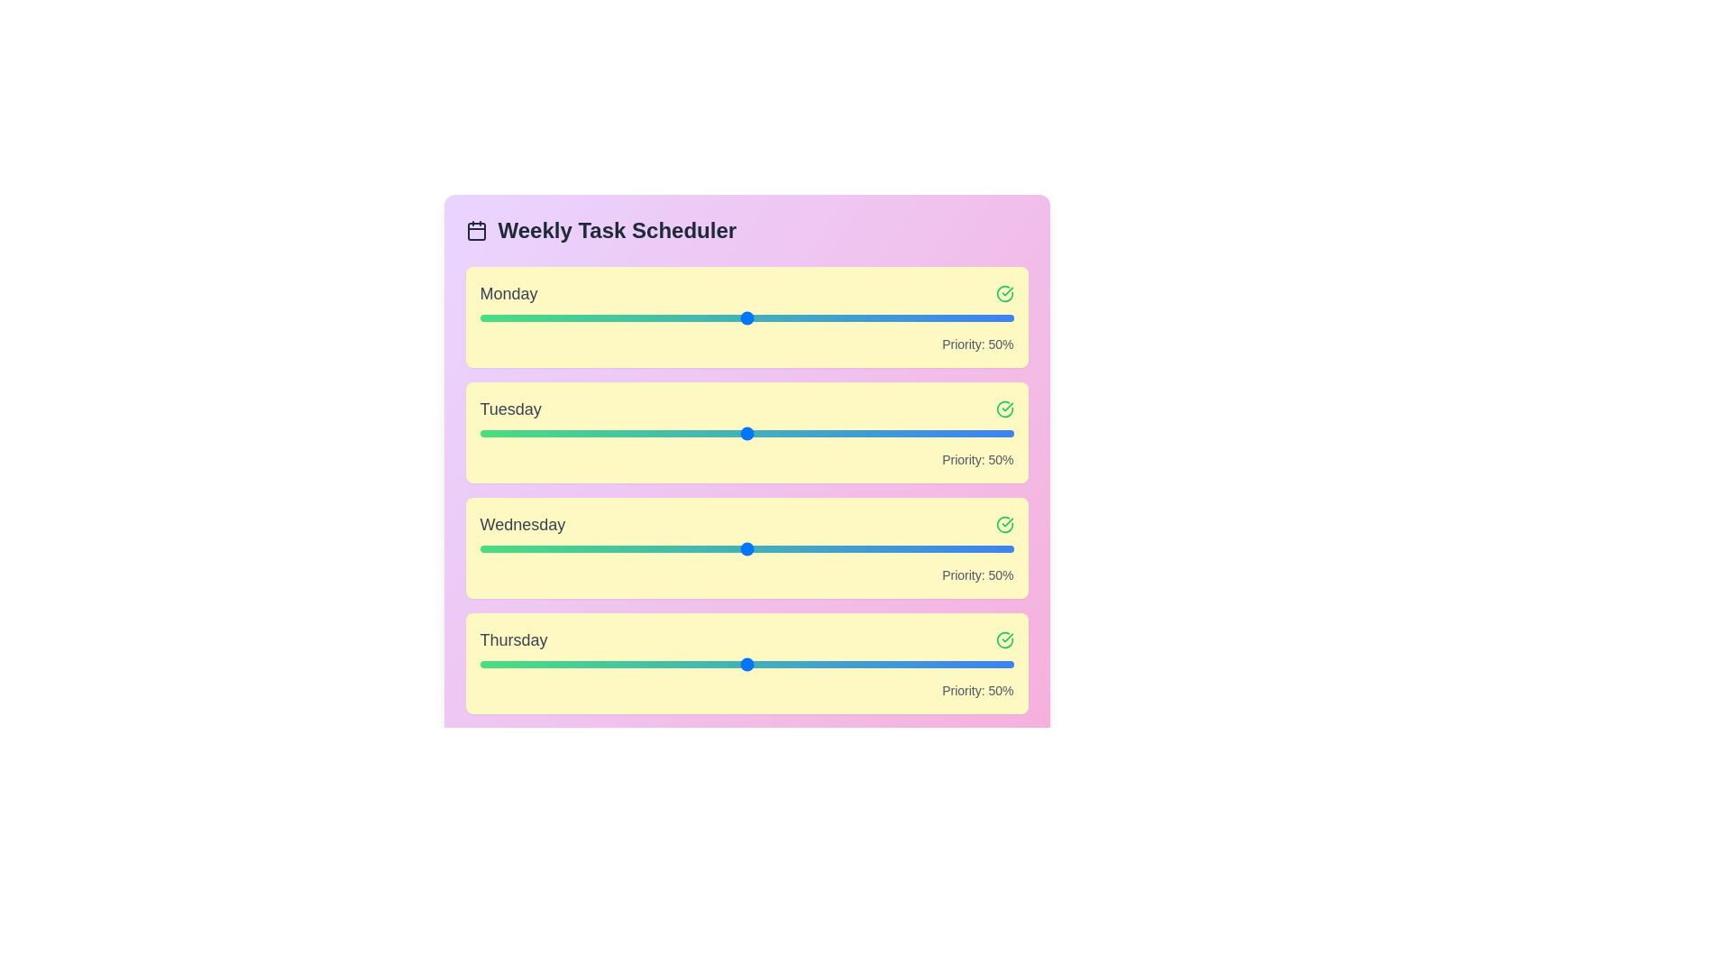  What do you see at coordinates (1003, 639) in the screenshot?
I see `checkmark icon next to Thursday` at bounding box center [1003, 639].